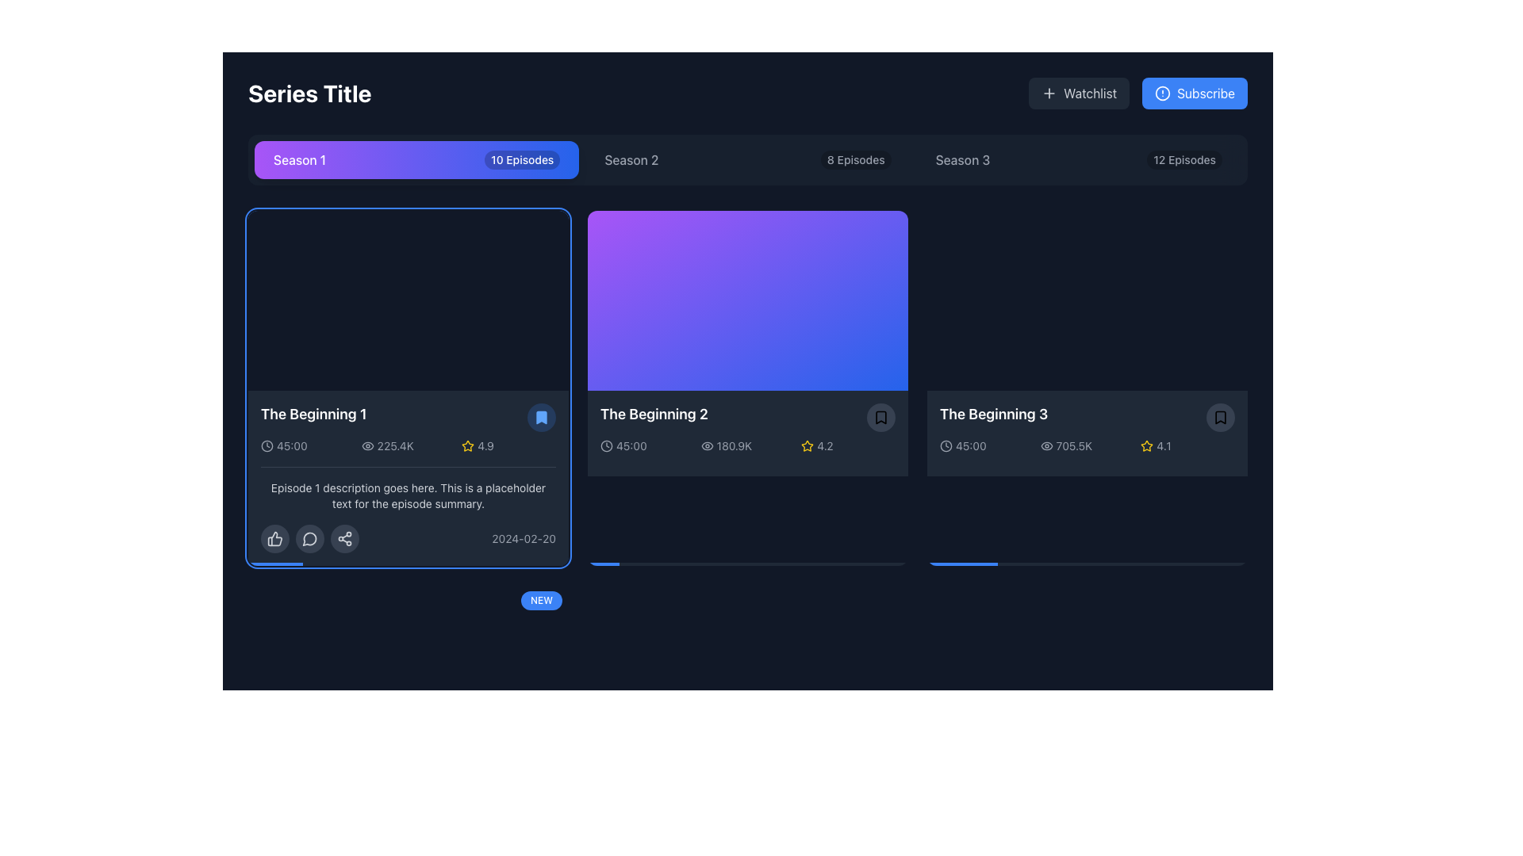 The image size is (1523, 856). Describe the element at coordinates (408, 495) in the screenshot. I see `descriptive summary text block for Episode 1 located beneath the title 'The Beginning 1'` at that location.